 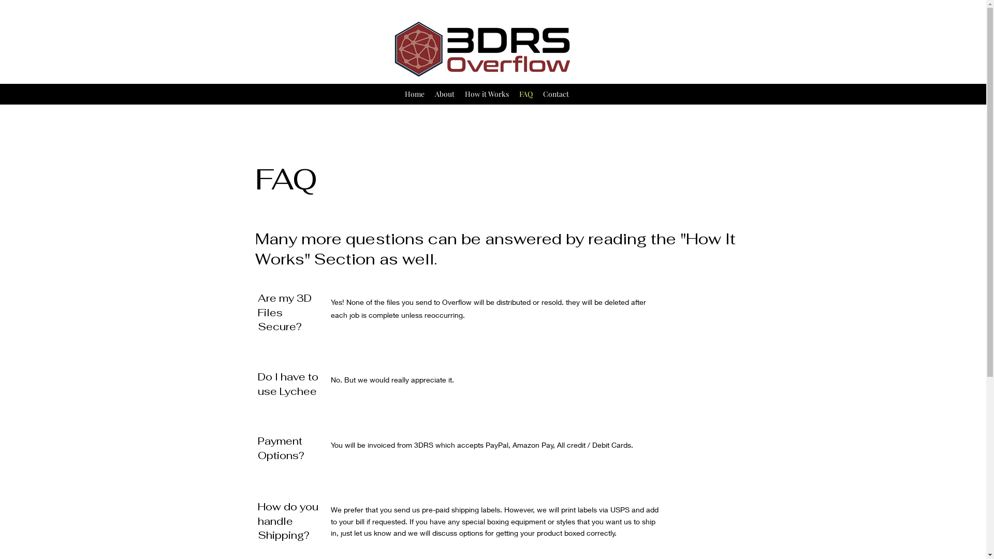 What do you see at coordinates (479, 49) in the screenshot?
I see `'3DOverflow_Conthrax_Font_2022.png'` at bounding box center [479, 49].